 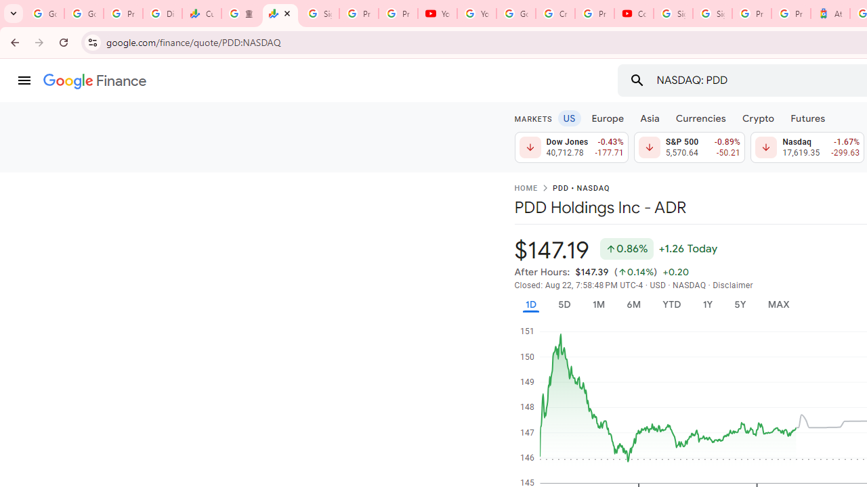 What do you see at coordinates (607, 117) in the screenshot?
I see `'Europe'` at bounding box center [607, 117].